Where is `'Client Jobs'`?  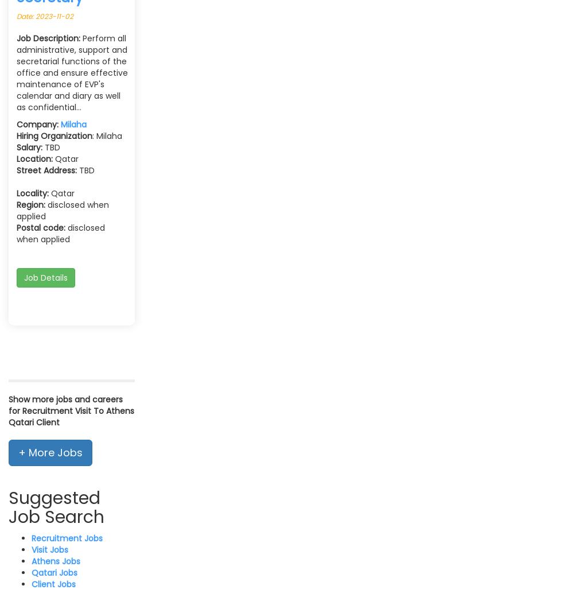 'Client Jobs' is located at coordinates (53, 583).